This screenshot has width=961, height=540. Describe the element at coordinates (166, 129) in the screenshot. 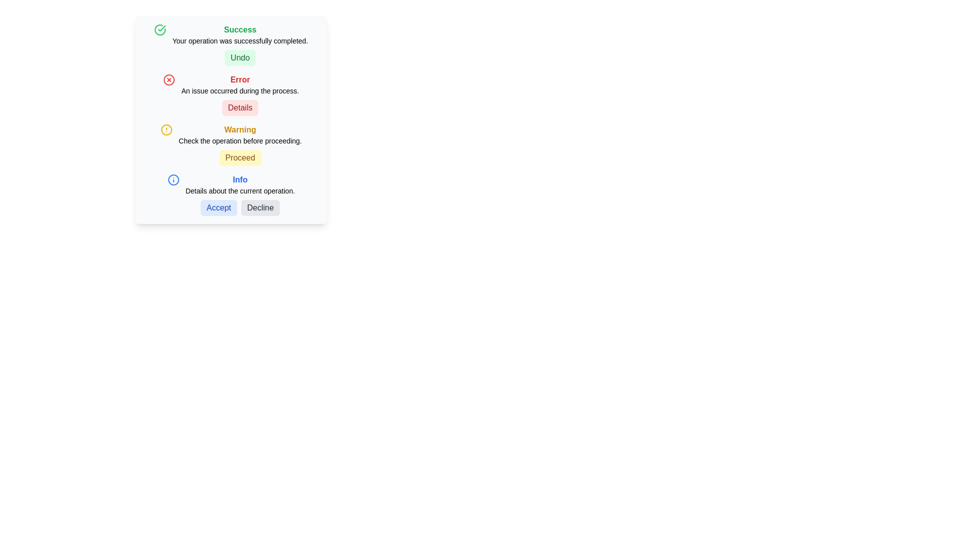

I see `the circular yellow icon in the 'Warning' section, which is the uppermost shape within the icon region` at that location.